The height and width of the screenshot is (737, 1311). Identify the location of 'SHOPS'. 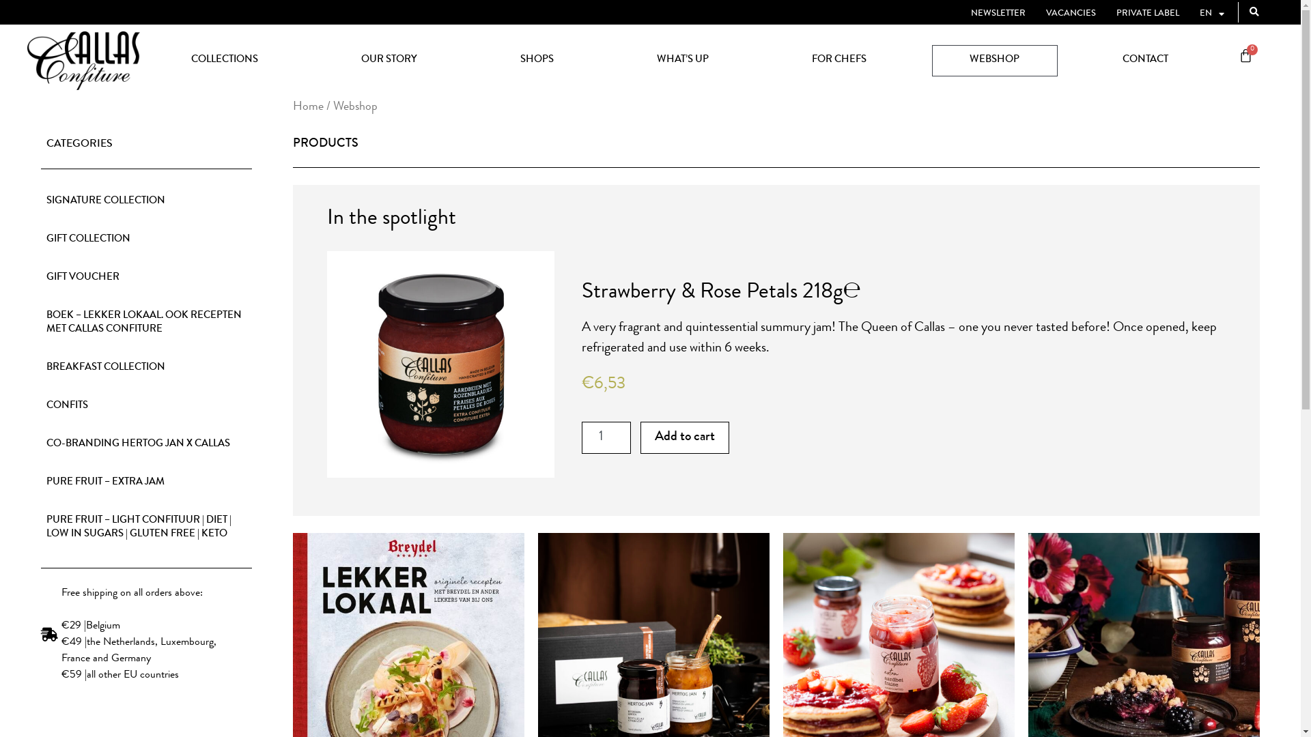
(536, 59).